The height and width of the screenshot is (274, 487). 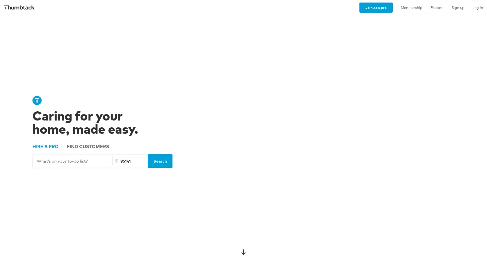 What do you see at coordinates (45, 146) in the screenshot?
I see `HIRE A PRO` at bounding box center [45, 146].